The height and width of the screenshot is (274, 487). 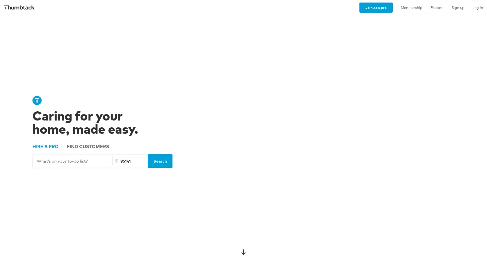 What do you see at coordinates (45, 146) in the screenshot?
I see `HIRE A PRO` at bounding box center [45, 146].